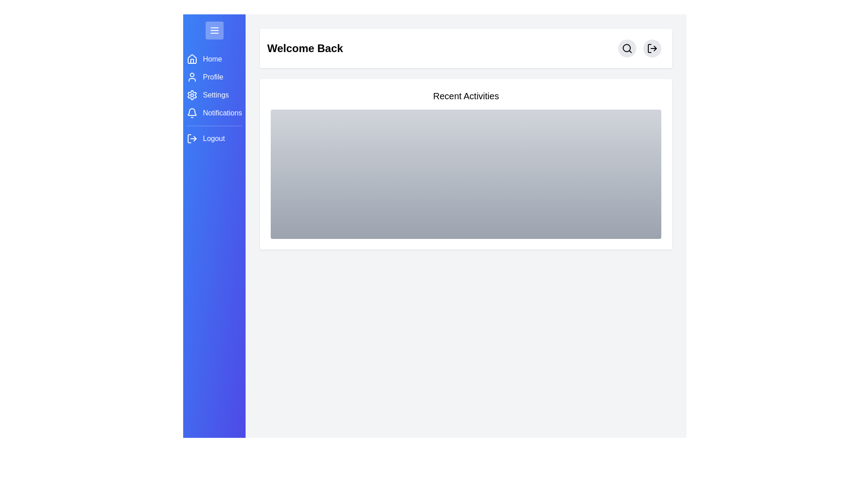  What do you see at coordinates (189, 138) in the screenshot?
I see `the leftmost portion of the logout icon in the navigation sidebar, which contributes to the functionality of logging out from the system` at bounding box center [189, 138].